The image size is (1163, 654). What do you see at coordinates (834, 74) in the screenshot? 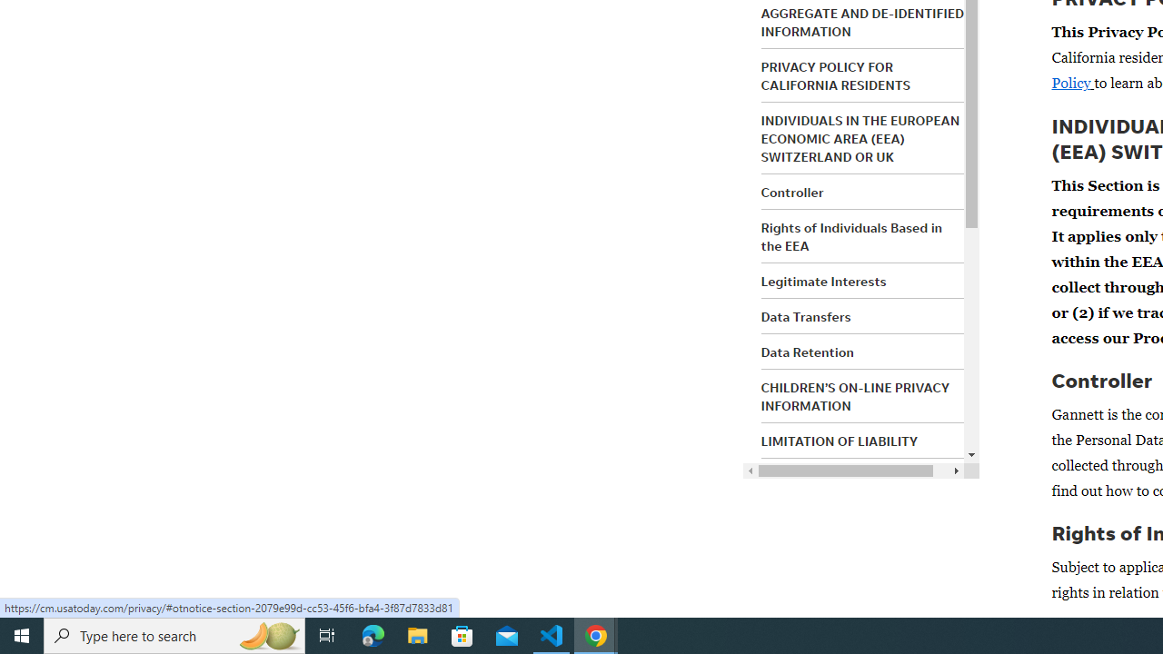
I see `'PRIVACY POLICY FOR CALIFORNIA RESIDENTS'` at bounding box center [834, 74].